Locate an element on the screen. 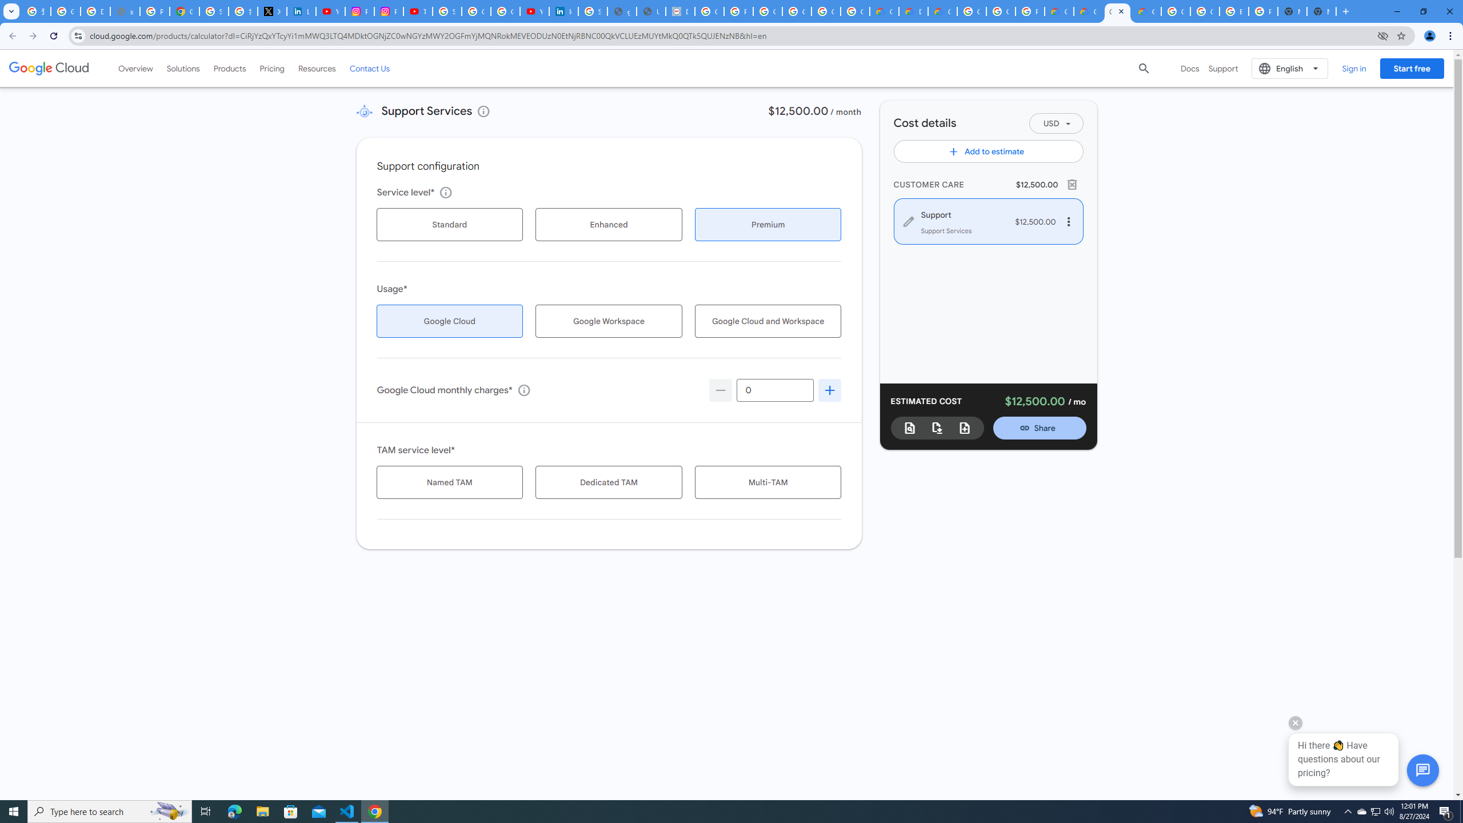 This screenshot has width=1463, height=823. 'Start free' is located at coordinates (1412, 67).